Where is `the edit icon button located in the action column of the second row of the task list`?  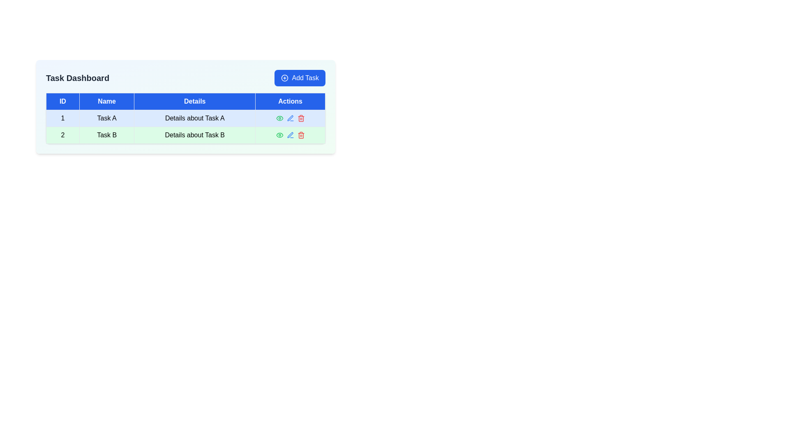
the edit icon button located in the action column of the second row of the task list is located at coordinates (290, 118).